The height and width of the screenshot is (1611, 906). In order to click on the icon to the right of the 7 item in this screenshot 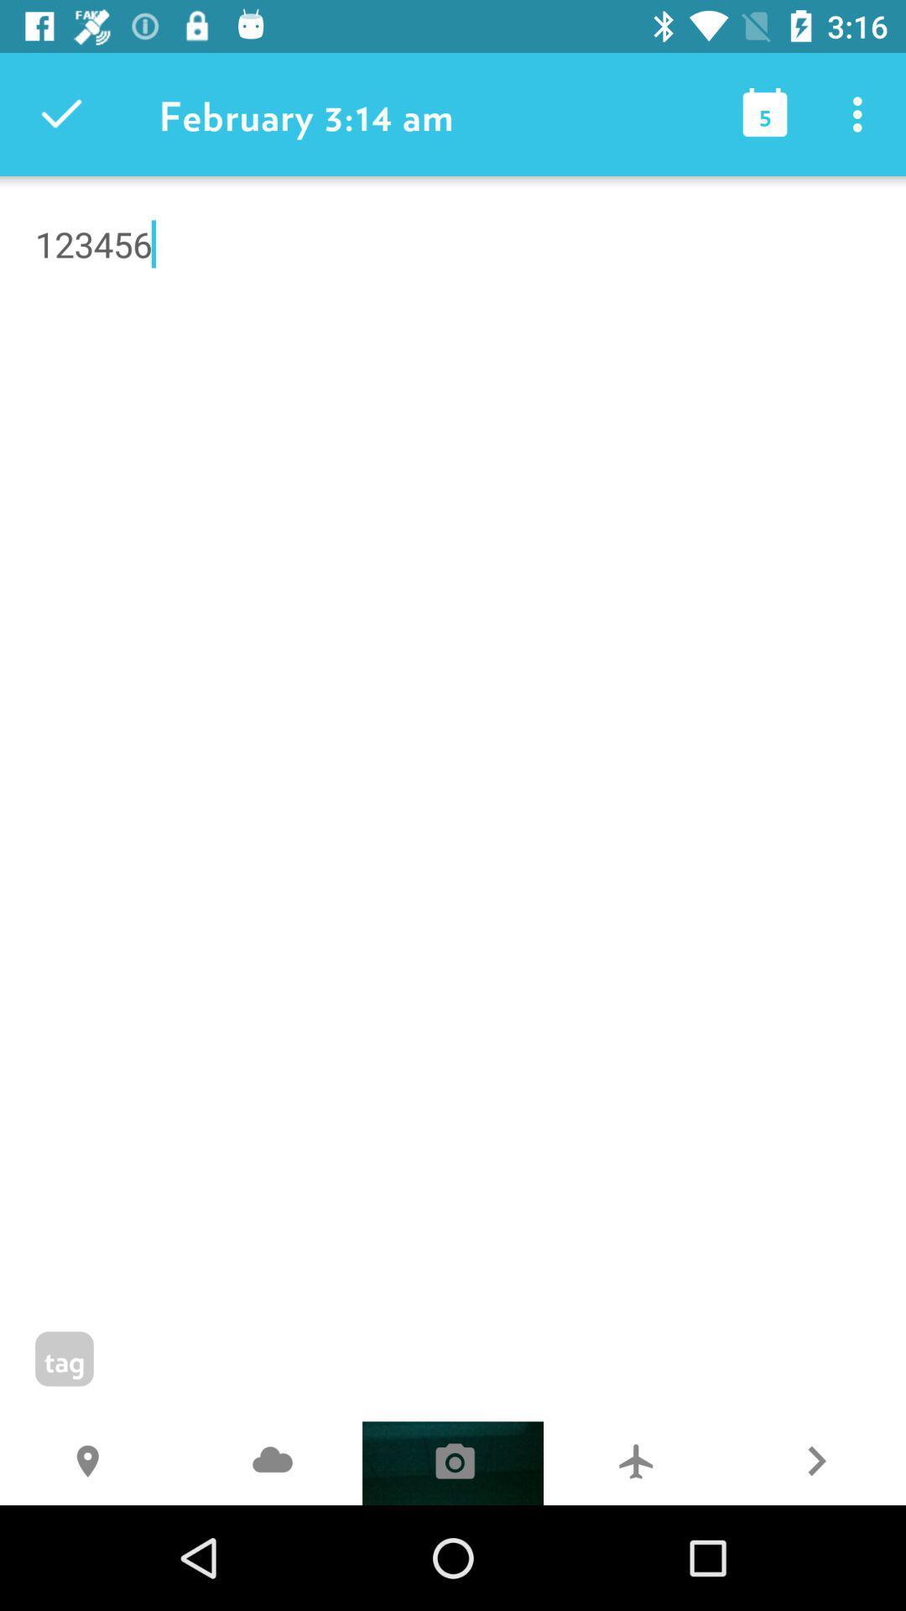, I will do `click(815, 1462)`.